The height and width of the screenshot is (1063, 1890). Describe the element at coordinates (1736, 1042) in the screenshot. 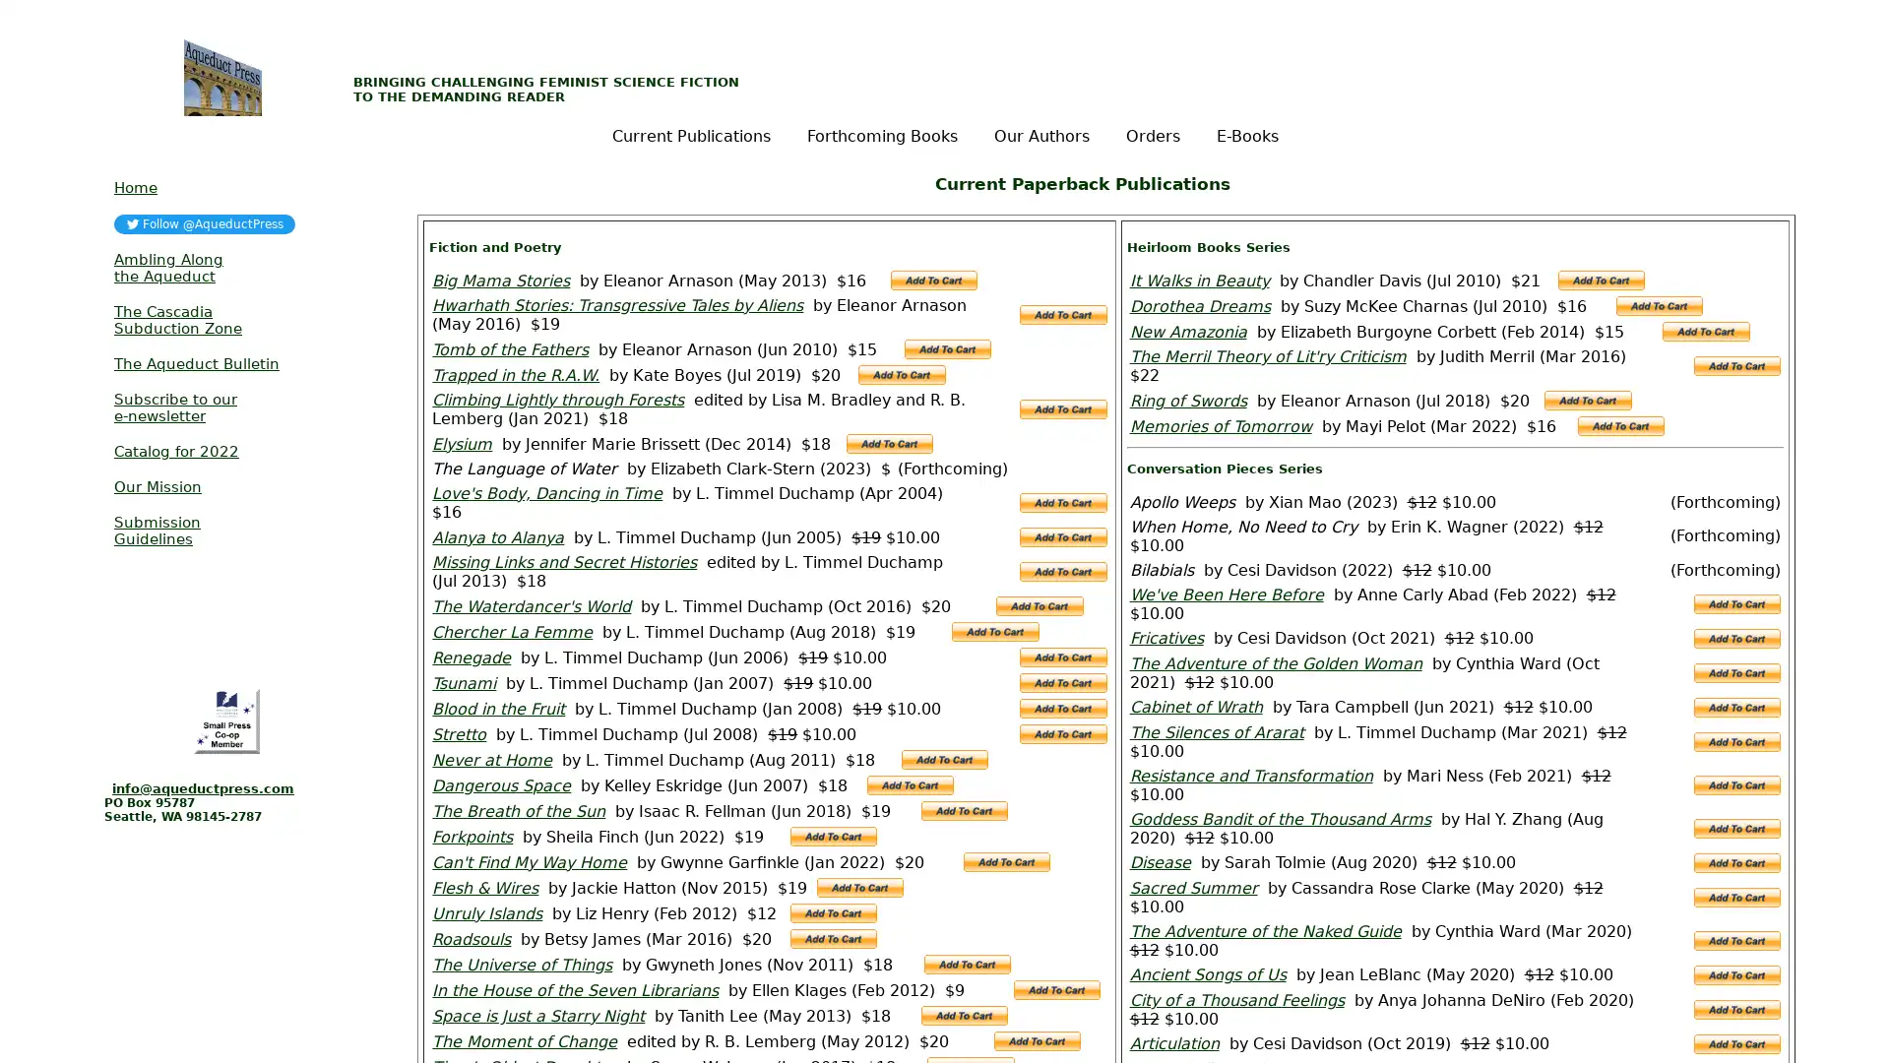

I see `Make payments with PayPal - it\'s fast, free and secure!` at that location.